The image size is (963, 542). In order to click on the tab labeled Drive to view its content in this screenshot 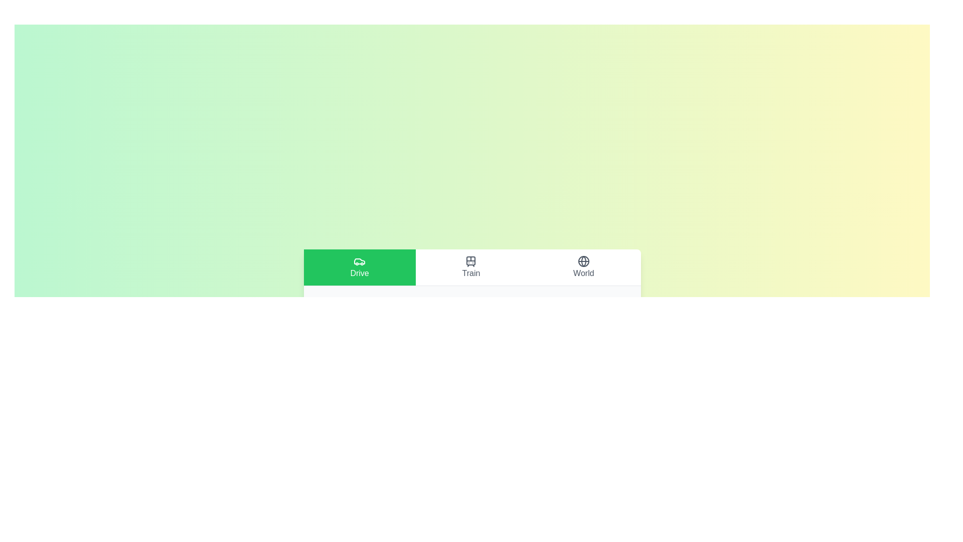, I will do `click(360, 266)`.